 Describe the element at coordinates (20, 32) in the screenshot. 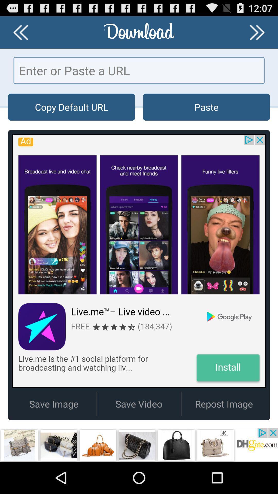

I see `back` at that location.